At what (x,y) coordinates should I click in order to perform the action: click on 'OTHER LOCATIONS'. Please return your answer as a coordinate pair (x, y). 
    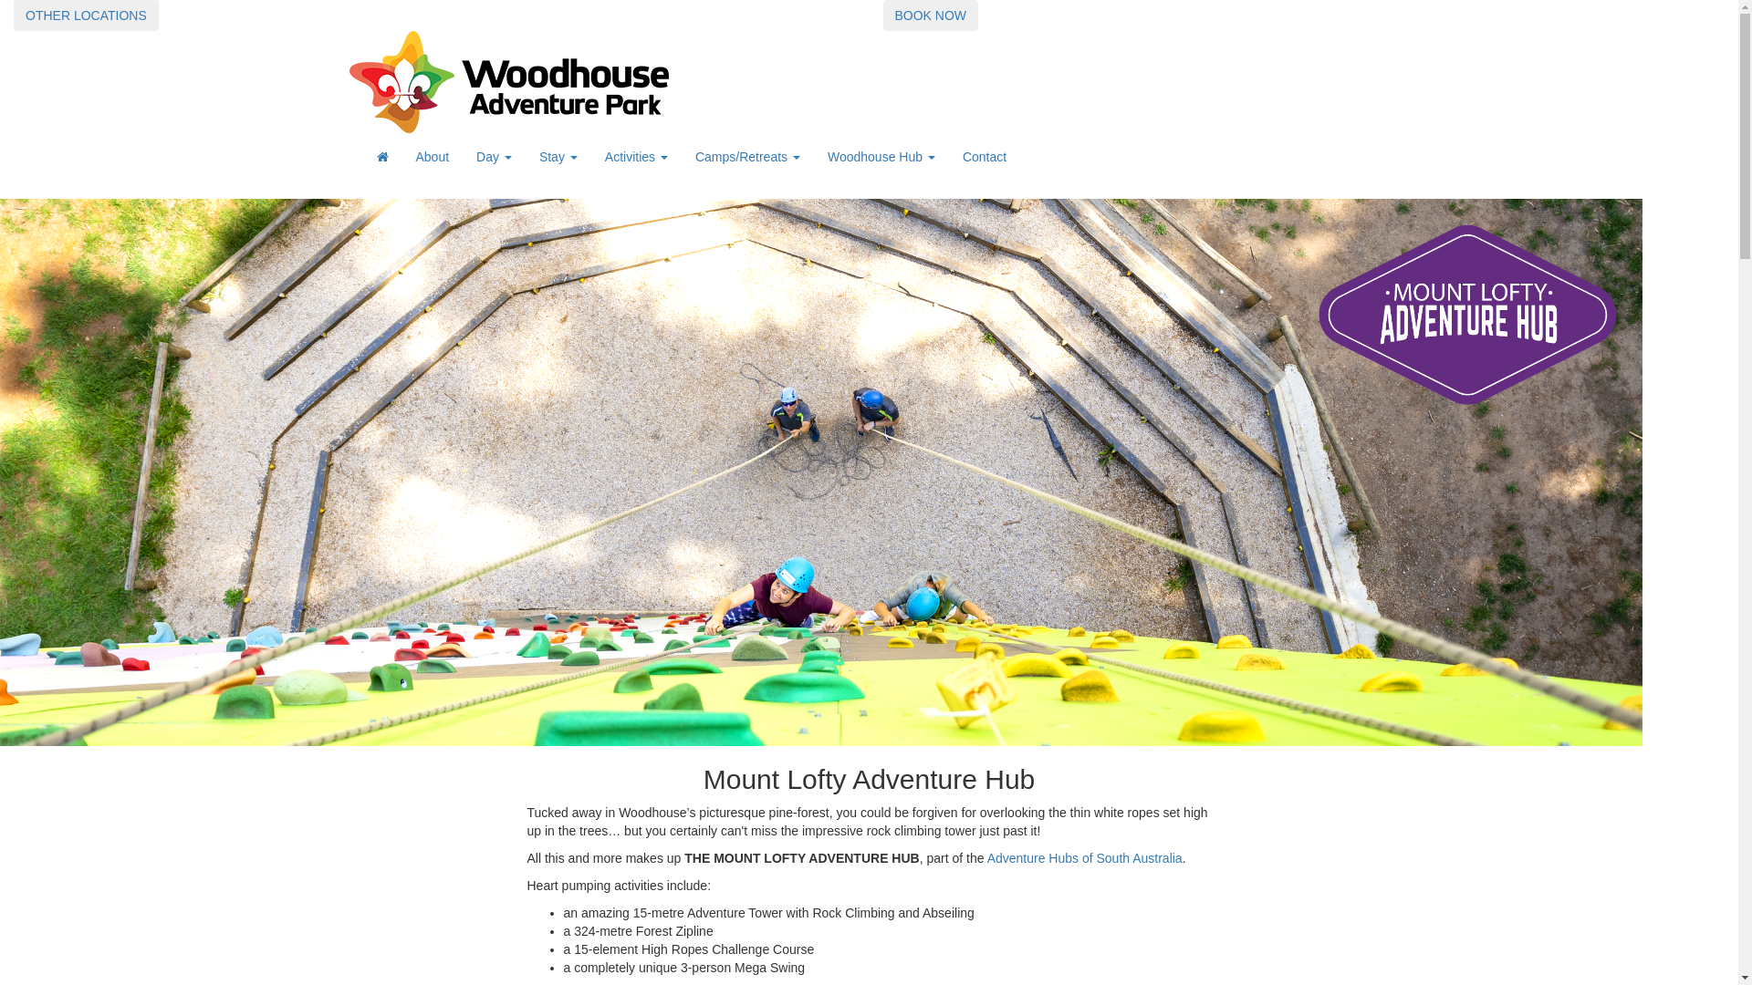
    Looking at the image, I should click on (85, 14).